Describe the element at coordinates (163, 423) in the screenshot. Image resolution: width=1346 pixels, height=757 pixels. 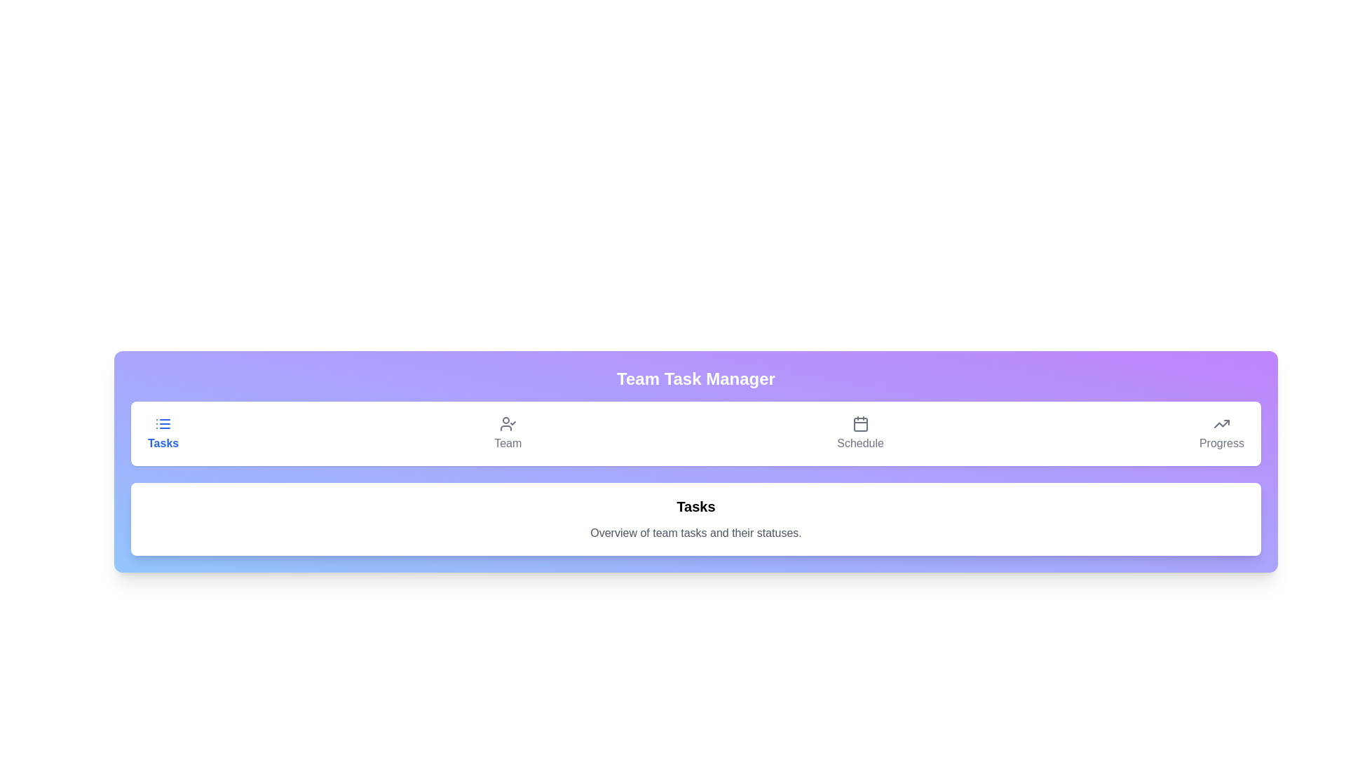
I see `the SVG icon displaying a list design that serves as a visual marker for the 'Tasks' section in the navigation bar located at the top of the page` at that location.